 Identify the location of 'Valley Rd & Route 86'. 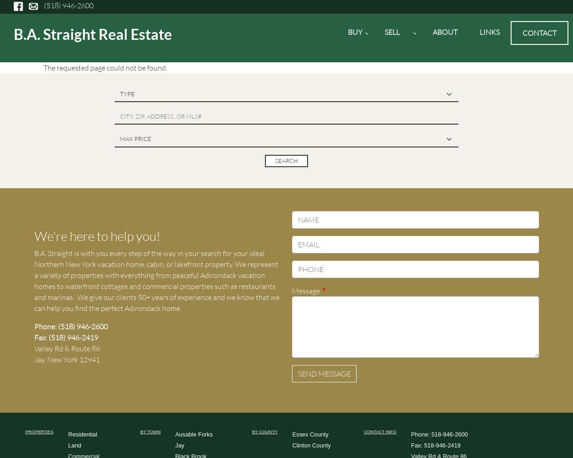
(66, 348).